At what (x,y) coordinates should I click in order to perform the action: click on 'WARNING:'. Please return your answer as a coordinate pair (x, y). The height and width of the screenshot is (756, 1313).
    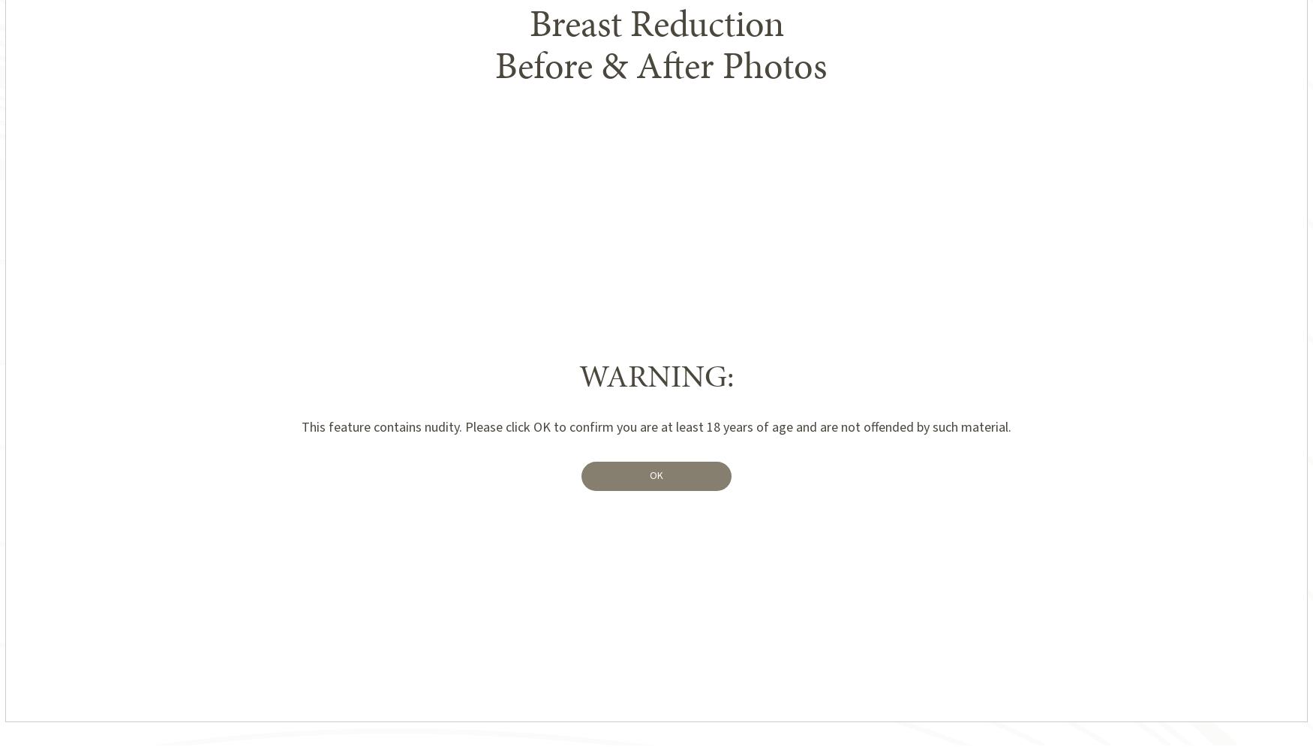
    Looking at the image, I should click on (656, 375).